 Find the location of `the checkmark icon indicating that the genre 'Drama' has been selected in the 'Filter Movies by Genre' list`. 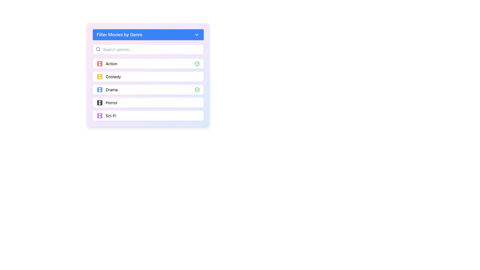

the checkmark icon indicating that the genre 'Drama' has been selected in the 'Filter Movies by Genre' list is located at coordinates (197, 89).